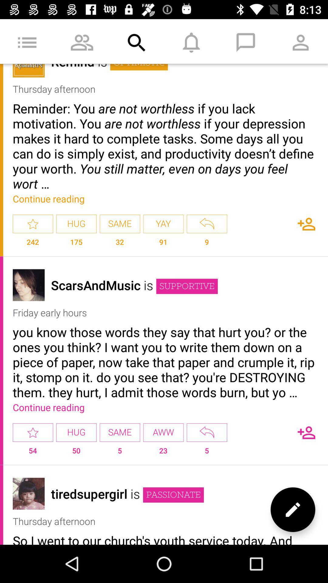  I want to click on the app next to the hug icon, so click(33, 432).